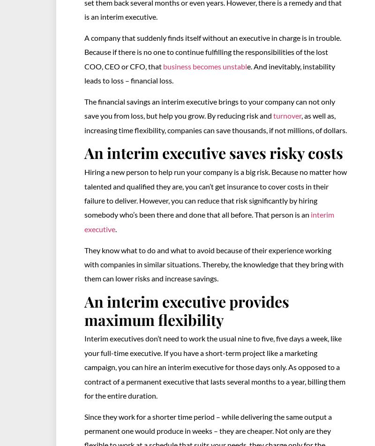 This screenshot has height=446, width=375. I want to click on 'turnover', so click(287, 115).